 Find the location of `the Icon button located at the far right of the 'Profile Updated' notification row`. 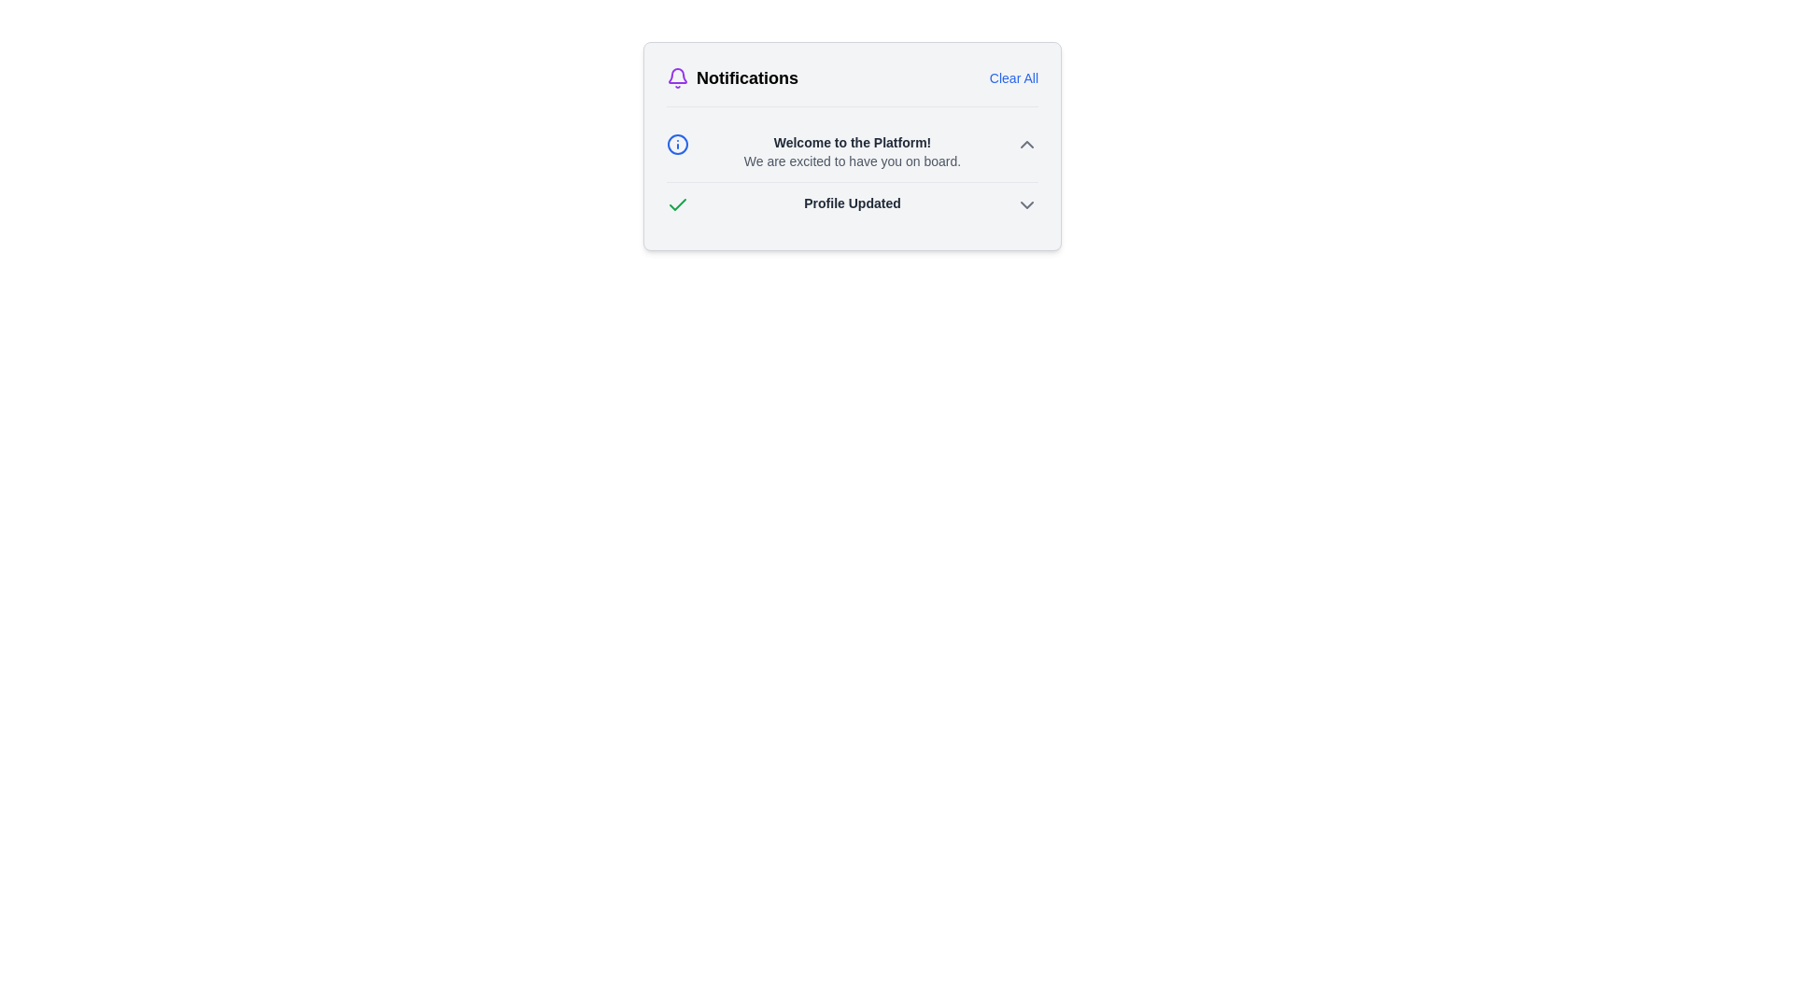

the Icon button located at the far right of the 'Profile Updated' notification row is located at coordinates (1025, 204).